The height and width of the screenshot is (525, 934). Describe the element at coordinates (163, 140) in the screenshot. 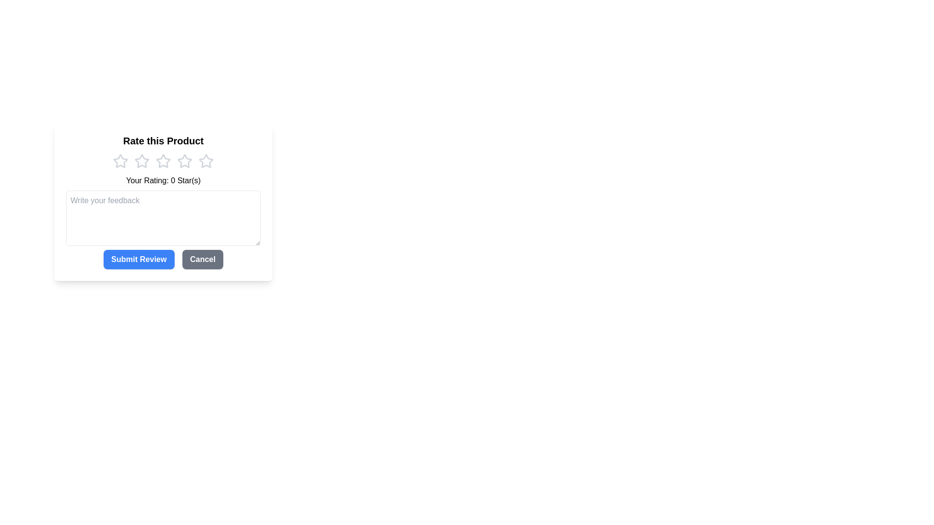

I see `text displayed in the 'Rate this Product' label at the top of the user feedback form` at that location.